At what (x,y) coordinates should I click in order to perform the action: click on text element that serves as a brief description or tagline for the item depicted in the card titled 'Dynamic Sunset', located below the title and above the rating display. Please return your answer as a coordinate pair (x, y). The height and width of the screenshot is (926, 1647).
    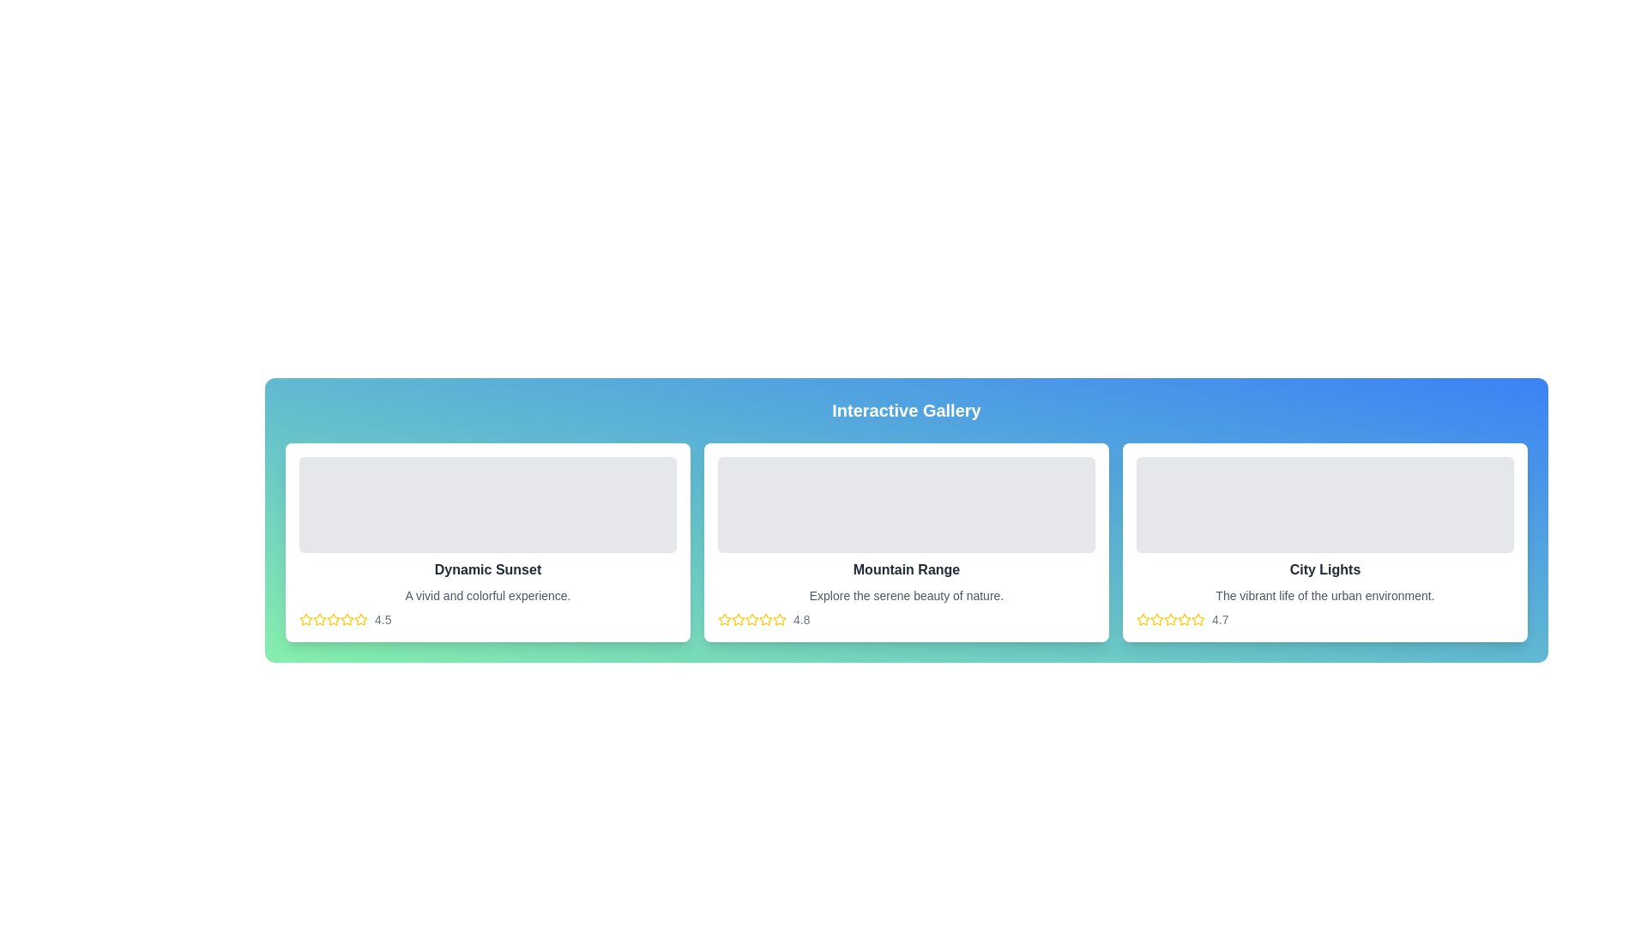
    Looking at the image, I should click on (487, 594).